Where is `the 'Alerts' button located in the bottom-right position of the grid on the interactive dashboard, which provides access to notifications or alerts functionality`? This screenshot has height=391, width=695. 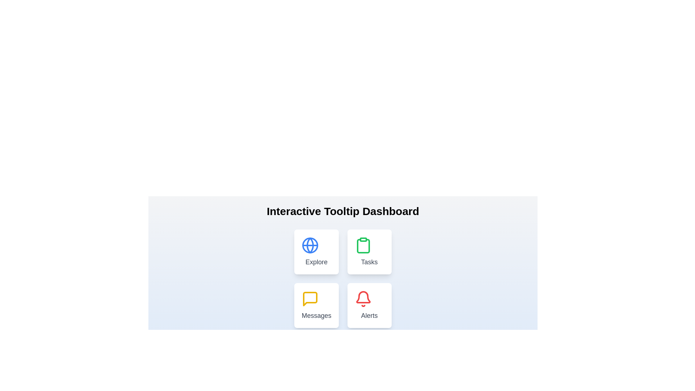 the 'Alerts' button located in the bottom-right position of the grid on the interactive dashboard, which provides access to notifications or alerts functionality is located at coordinates (369, 306).